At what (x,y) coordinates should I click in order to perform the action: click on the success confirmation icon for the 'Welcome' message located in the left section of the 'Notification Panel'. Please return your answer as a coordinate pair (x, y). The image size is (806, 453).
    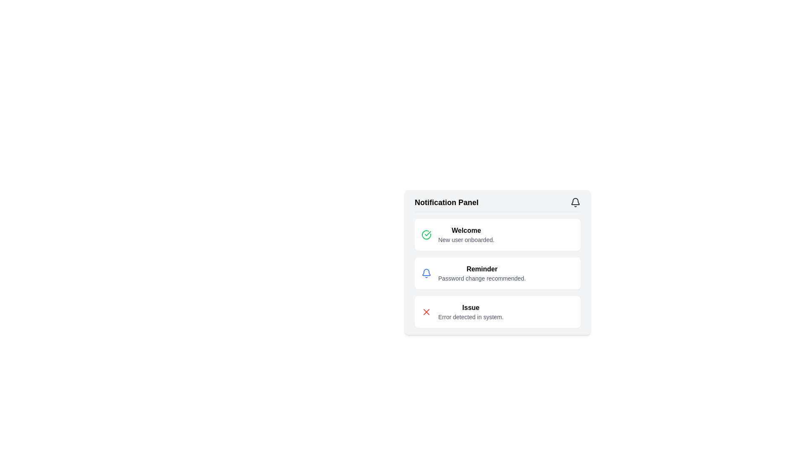
    Looking at the image, I should click on (427, 234).